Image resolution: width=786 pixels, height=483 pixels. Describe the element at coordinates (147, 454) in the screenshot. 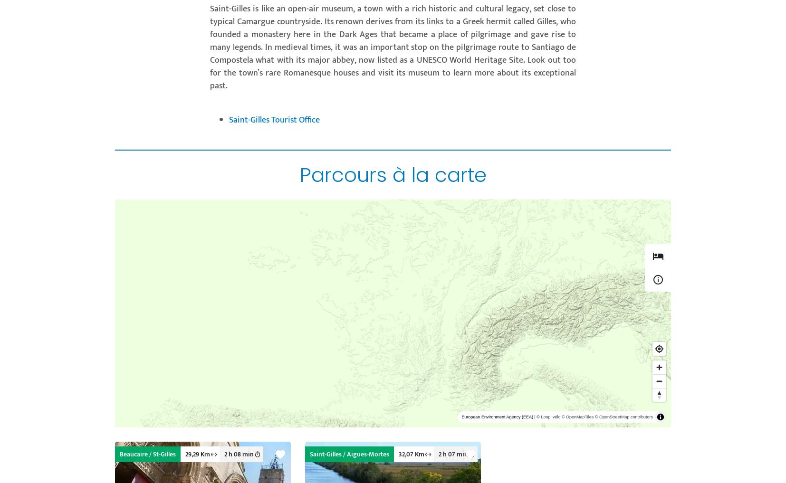

I see `'Beaucaire / St-Gilles'` at that location.